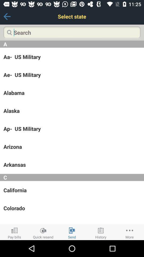 The width and height of the screenshot is (144, 257). I want to click on the app above ap-  us military icon, so click(72, 110).